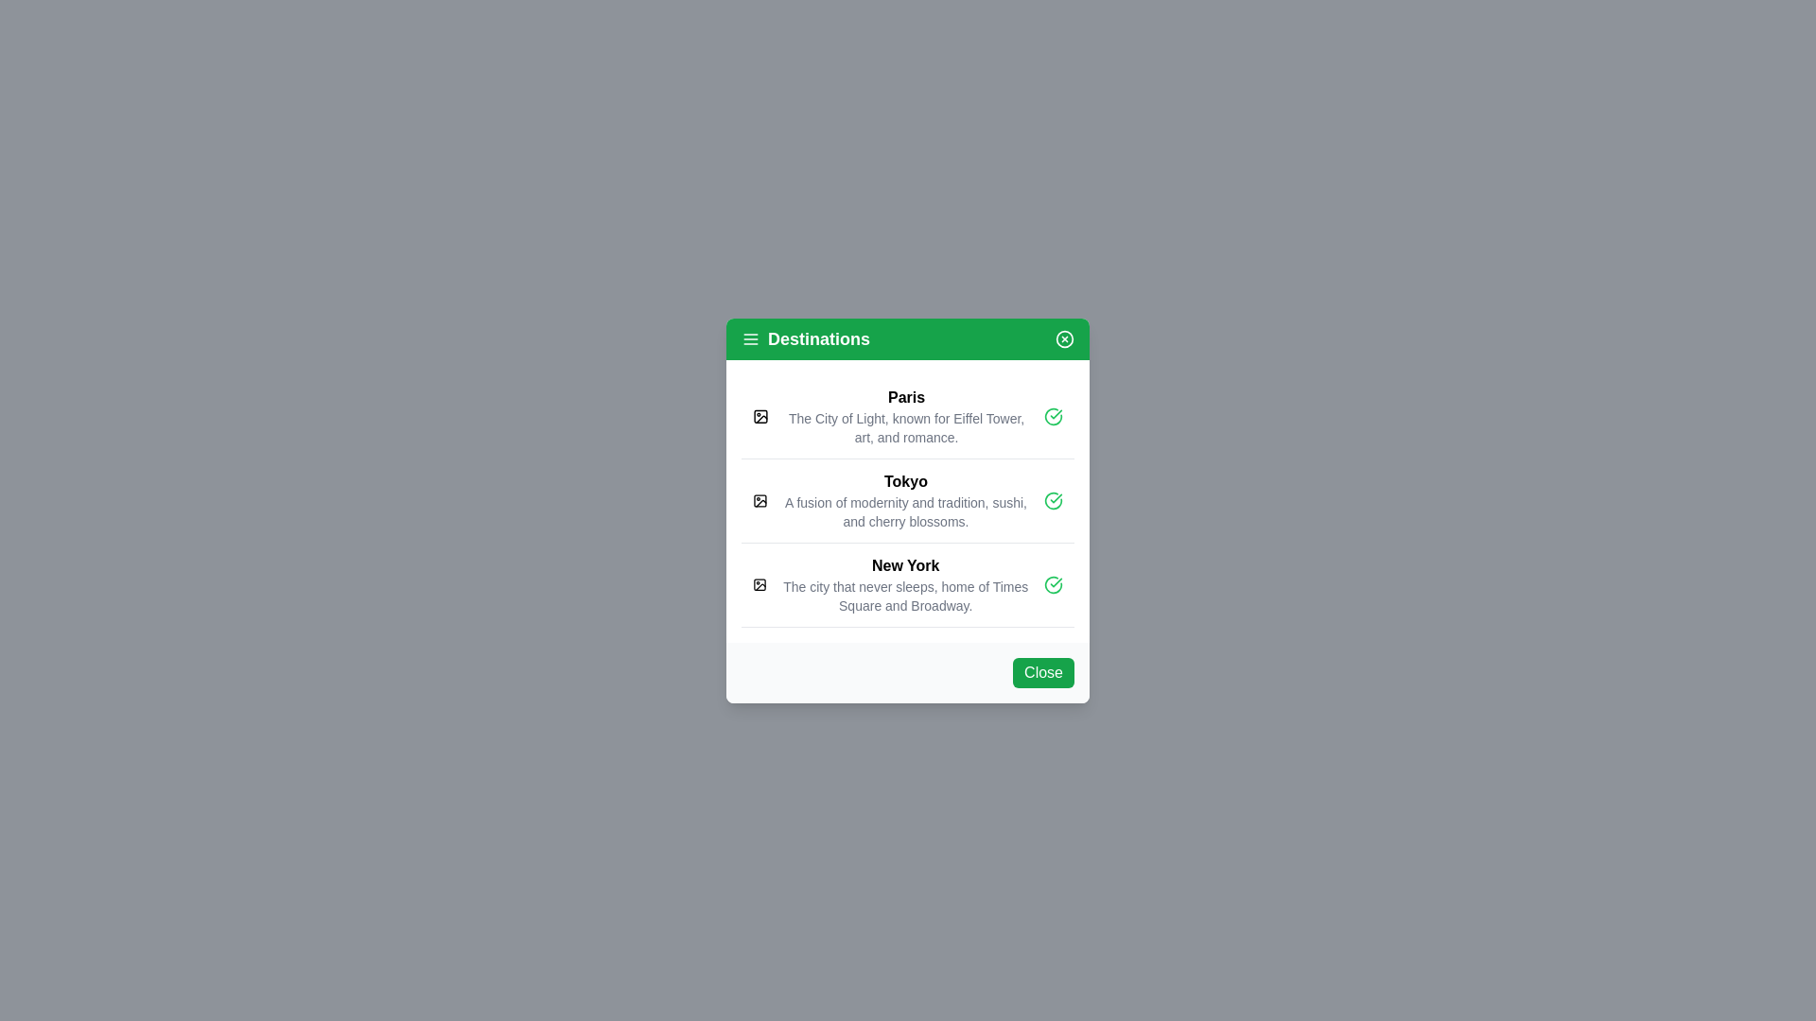  Describe the element at coordinates (1052, 499) in the screenshot. I see `the confirmation icon located on the right side of the 'Tokyo' row to confirm or toggle its status` at that location.